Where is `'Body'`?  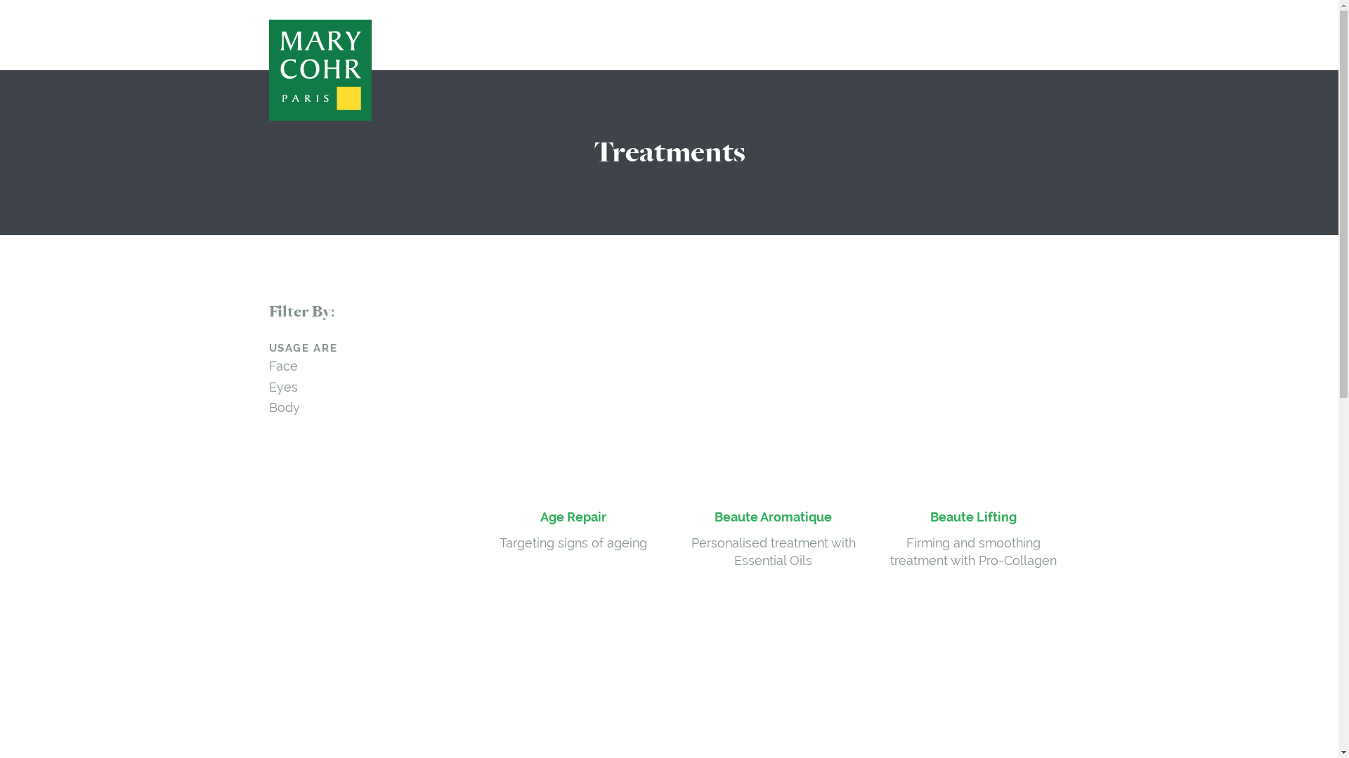
'Body' is located at coordinates (282, 407).